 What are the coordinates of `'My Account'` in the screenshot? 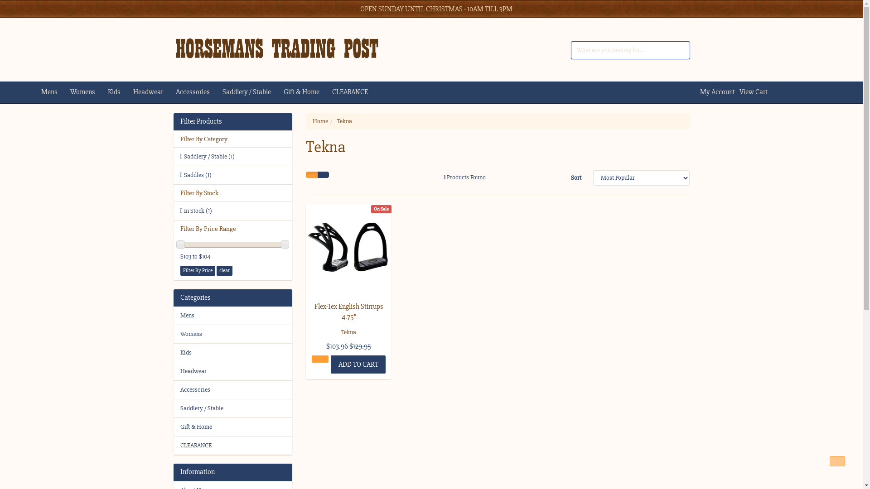 It's located at (715, 92).